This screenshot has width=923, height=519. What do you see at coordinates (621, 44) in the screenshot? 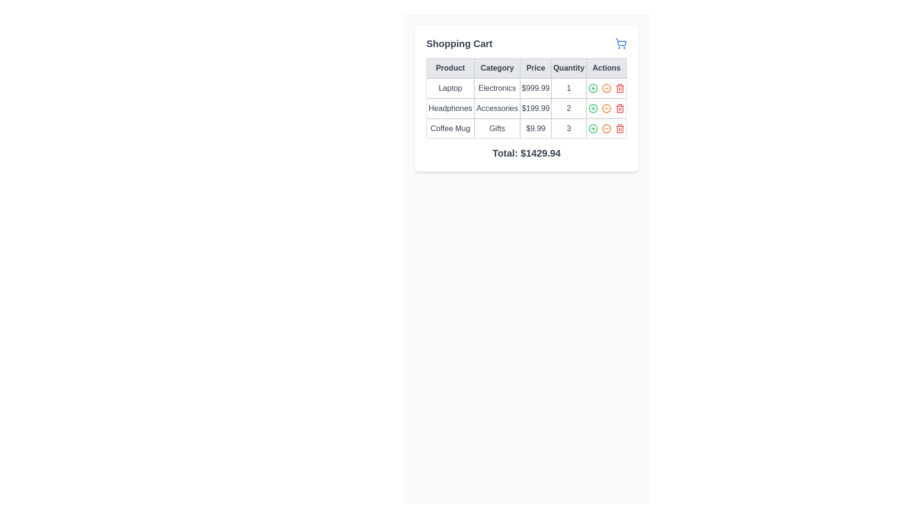
I see `the shopping cart icon located in the top-right corner of the shopping cart section, adjacent to the 'Shopping Cart' label` at bounding box center [621, 44].